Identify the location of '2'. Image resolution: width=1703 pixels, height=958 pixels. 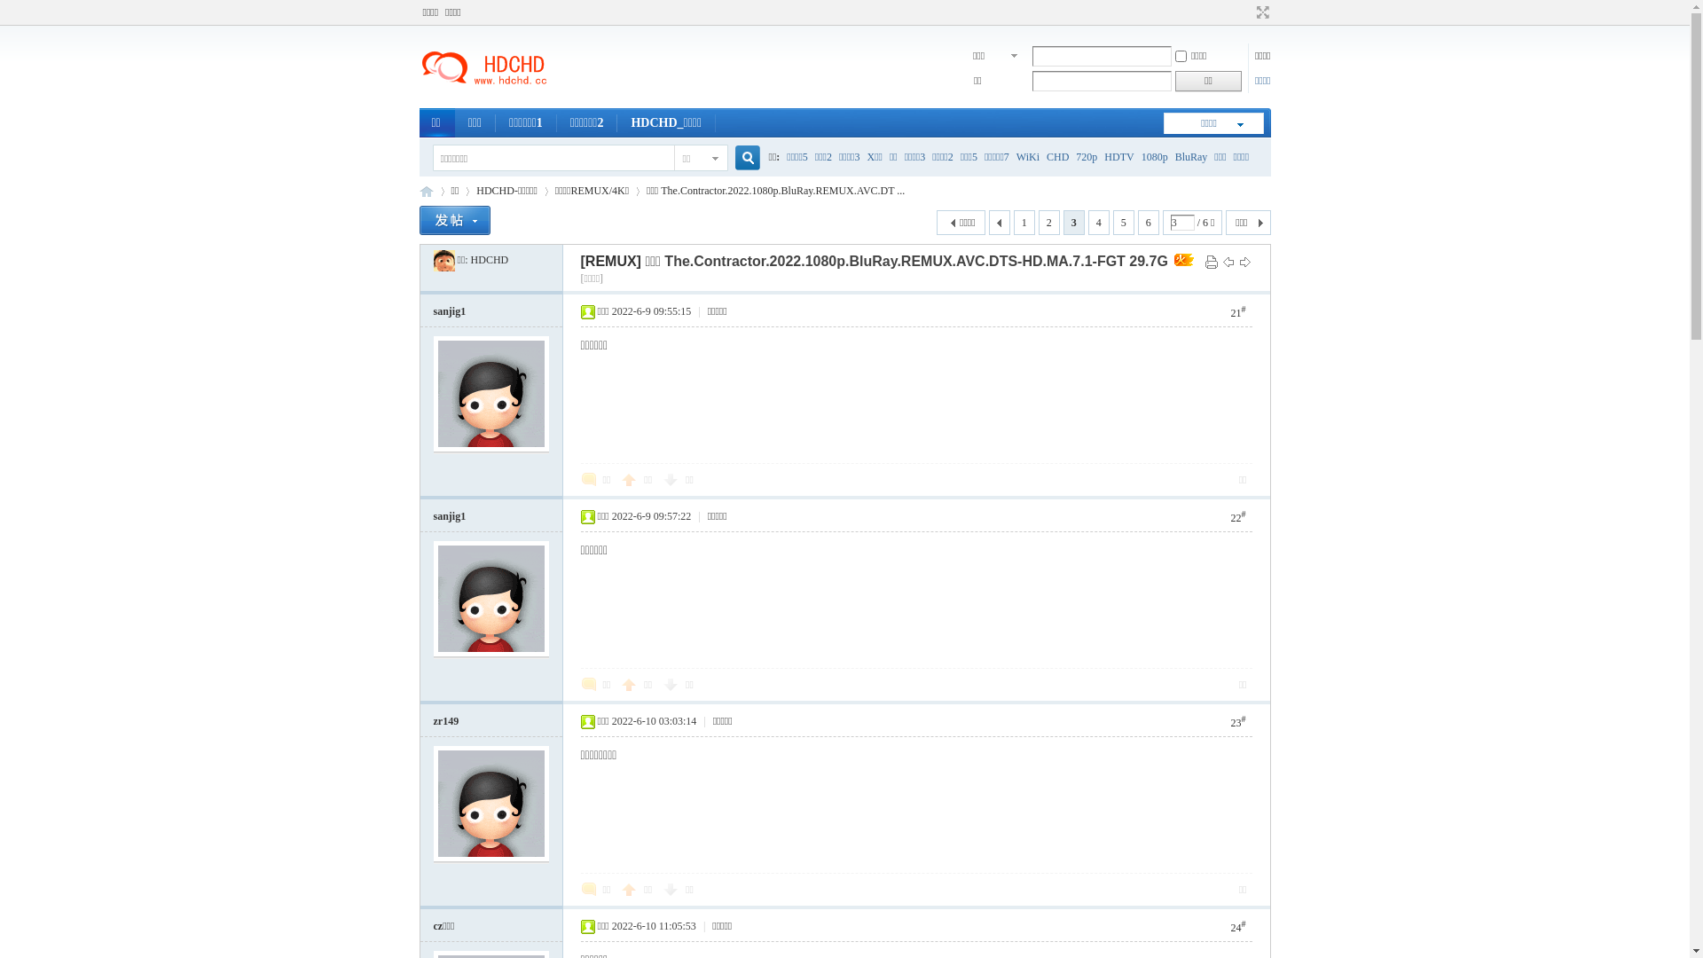
(1048, 221).